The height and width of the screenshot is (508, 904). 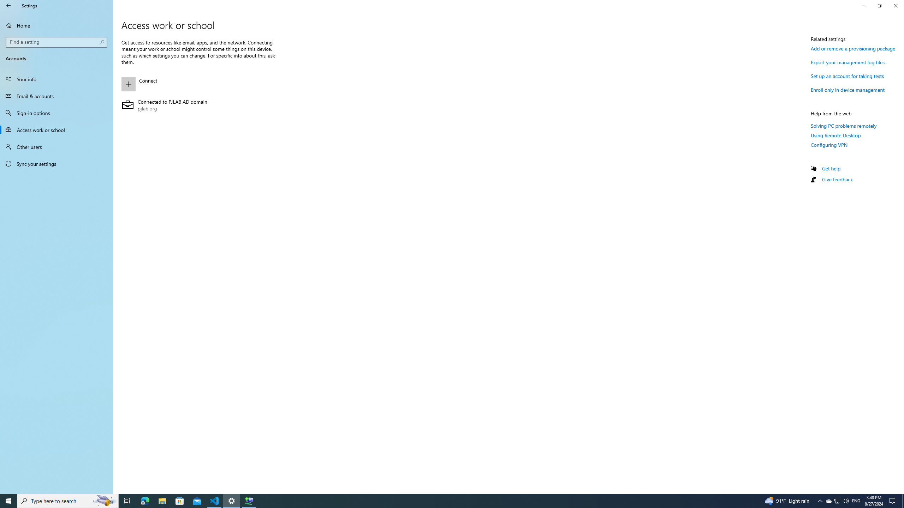 I want to click on 'Home', so click(x=56, y=25).